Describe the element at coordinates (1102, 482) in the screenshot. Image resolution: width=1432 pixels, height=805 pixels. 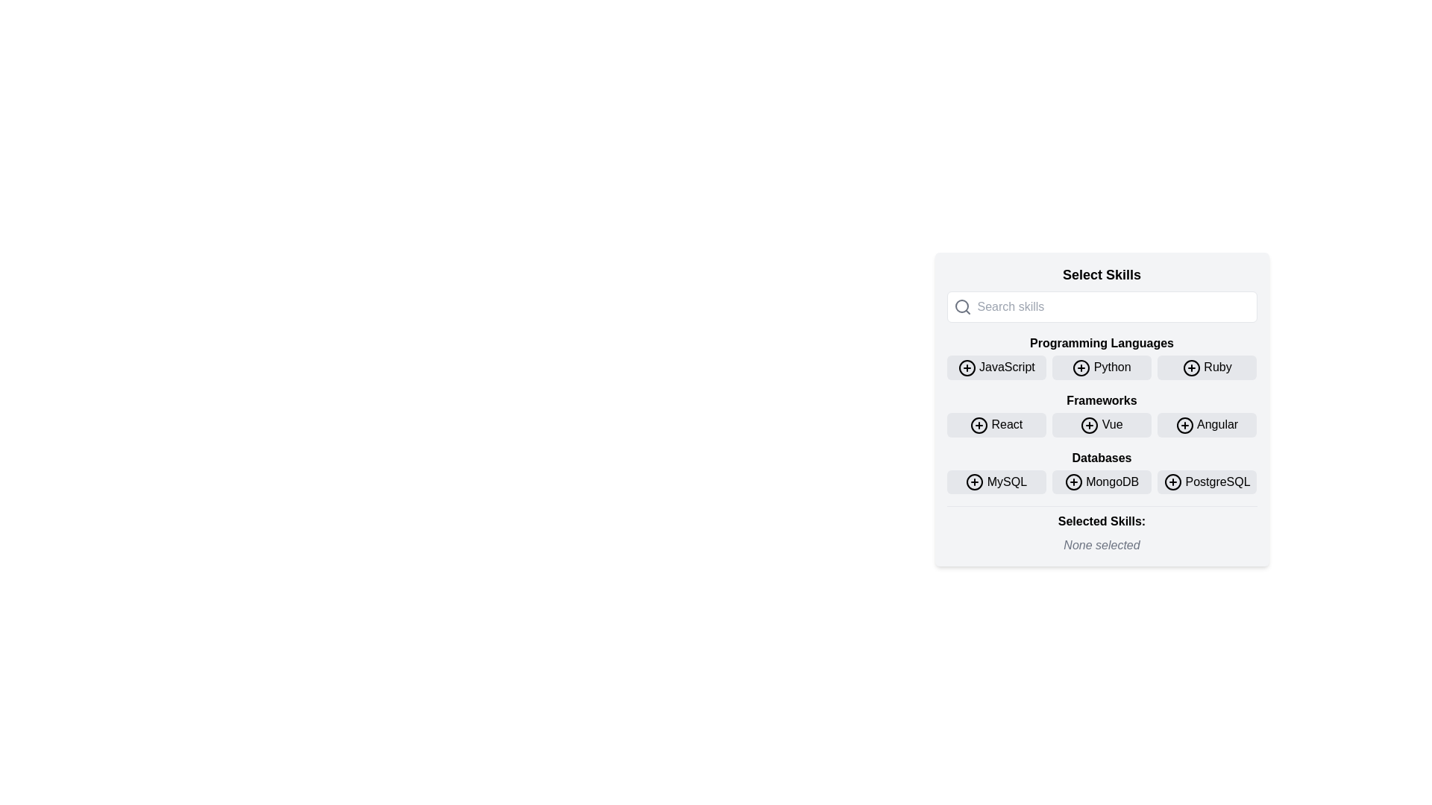
I see `the second button in the 'Databases' section of the 'Select Skills' interface` at that location.